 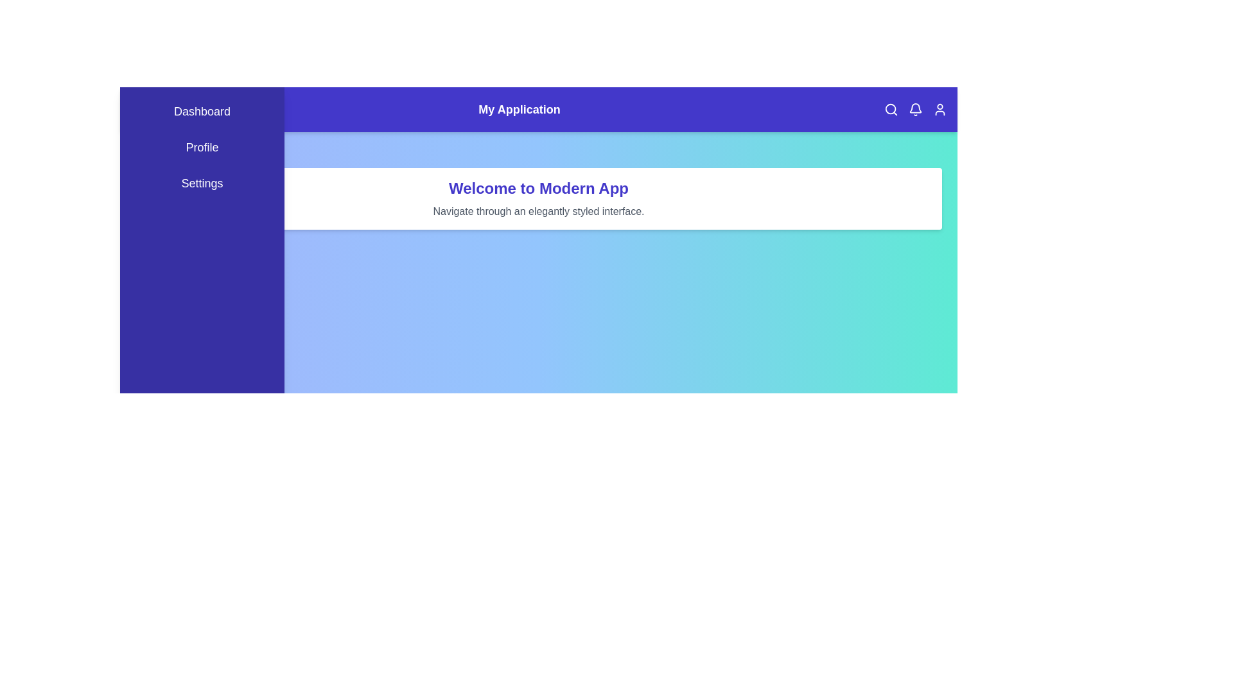 I want to click on the User icon in the app bar, so click(x=940, y=108).